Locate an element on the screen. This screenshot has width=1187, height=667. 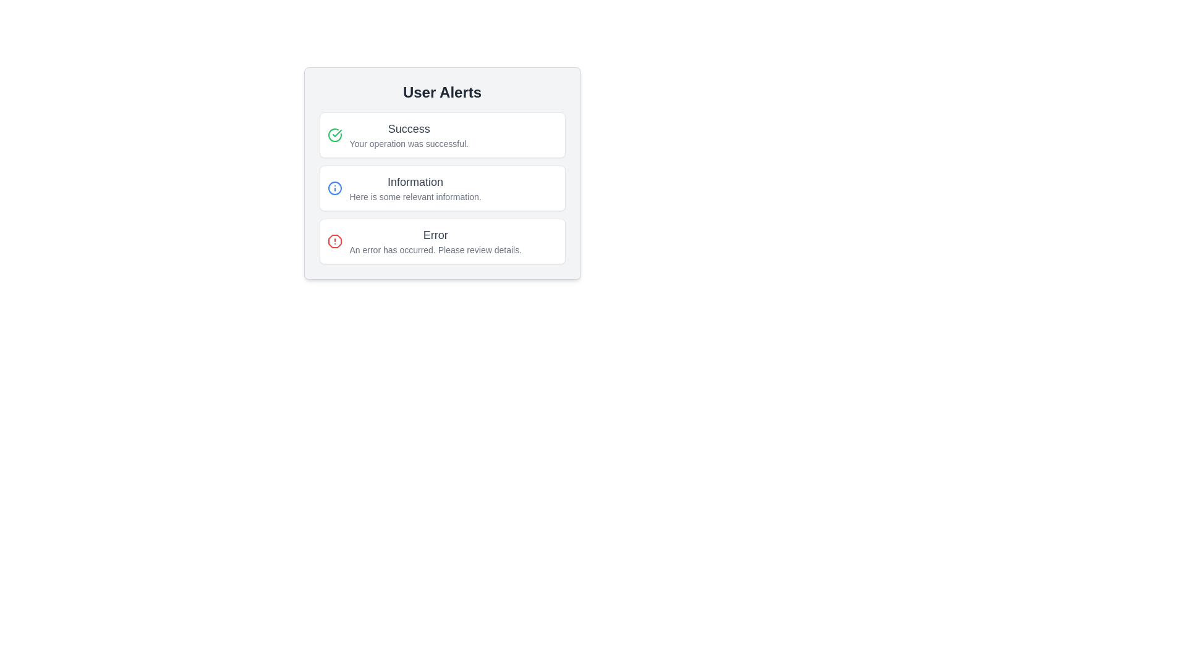
the Text Label element containing the text 'Information' which is styled in bold gray font and located in the second alert box of the 'User Alerts' section is located at coordinates (415, 182).